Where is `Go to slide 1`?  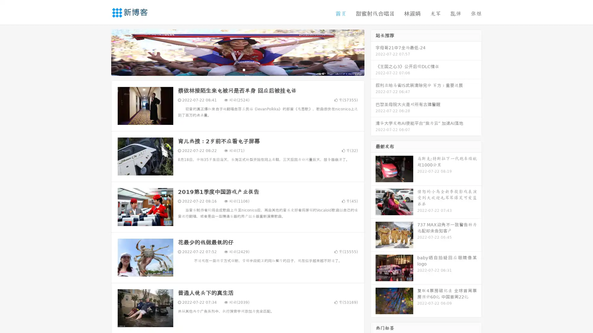 Go to slide 1 is located at coordinates (231, 69).